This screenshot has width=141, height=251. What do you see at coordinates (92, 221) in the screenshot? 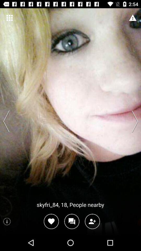
I see `the follow icon` at bounding box center [92, 221].